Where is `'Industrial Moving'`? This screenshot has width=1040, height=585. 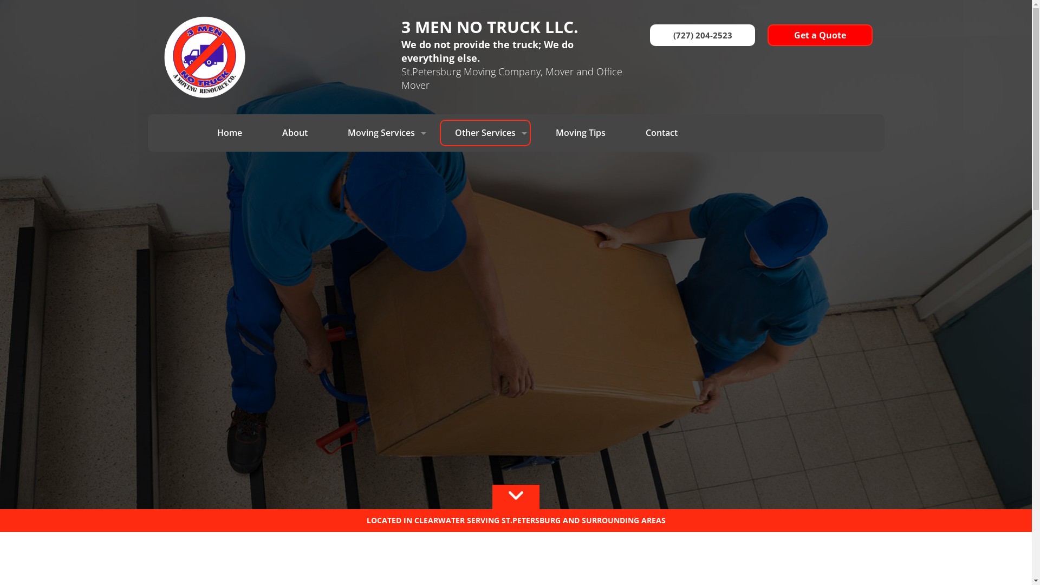
'Industrial Moving' is located at coordinates (332, 244).